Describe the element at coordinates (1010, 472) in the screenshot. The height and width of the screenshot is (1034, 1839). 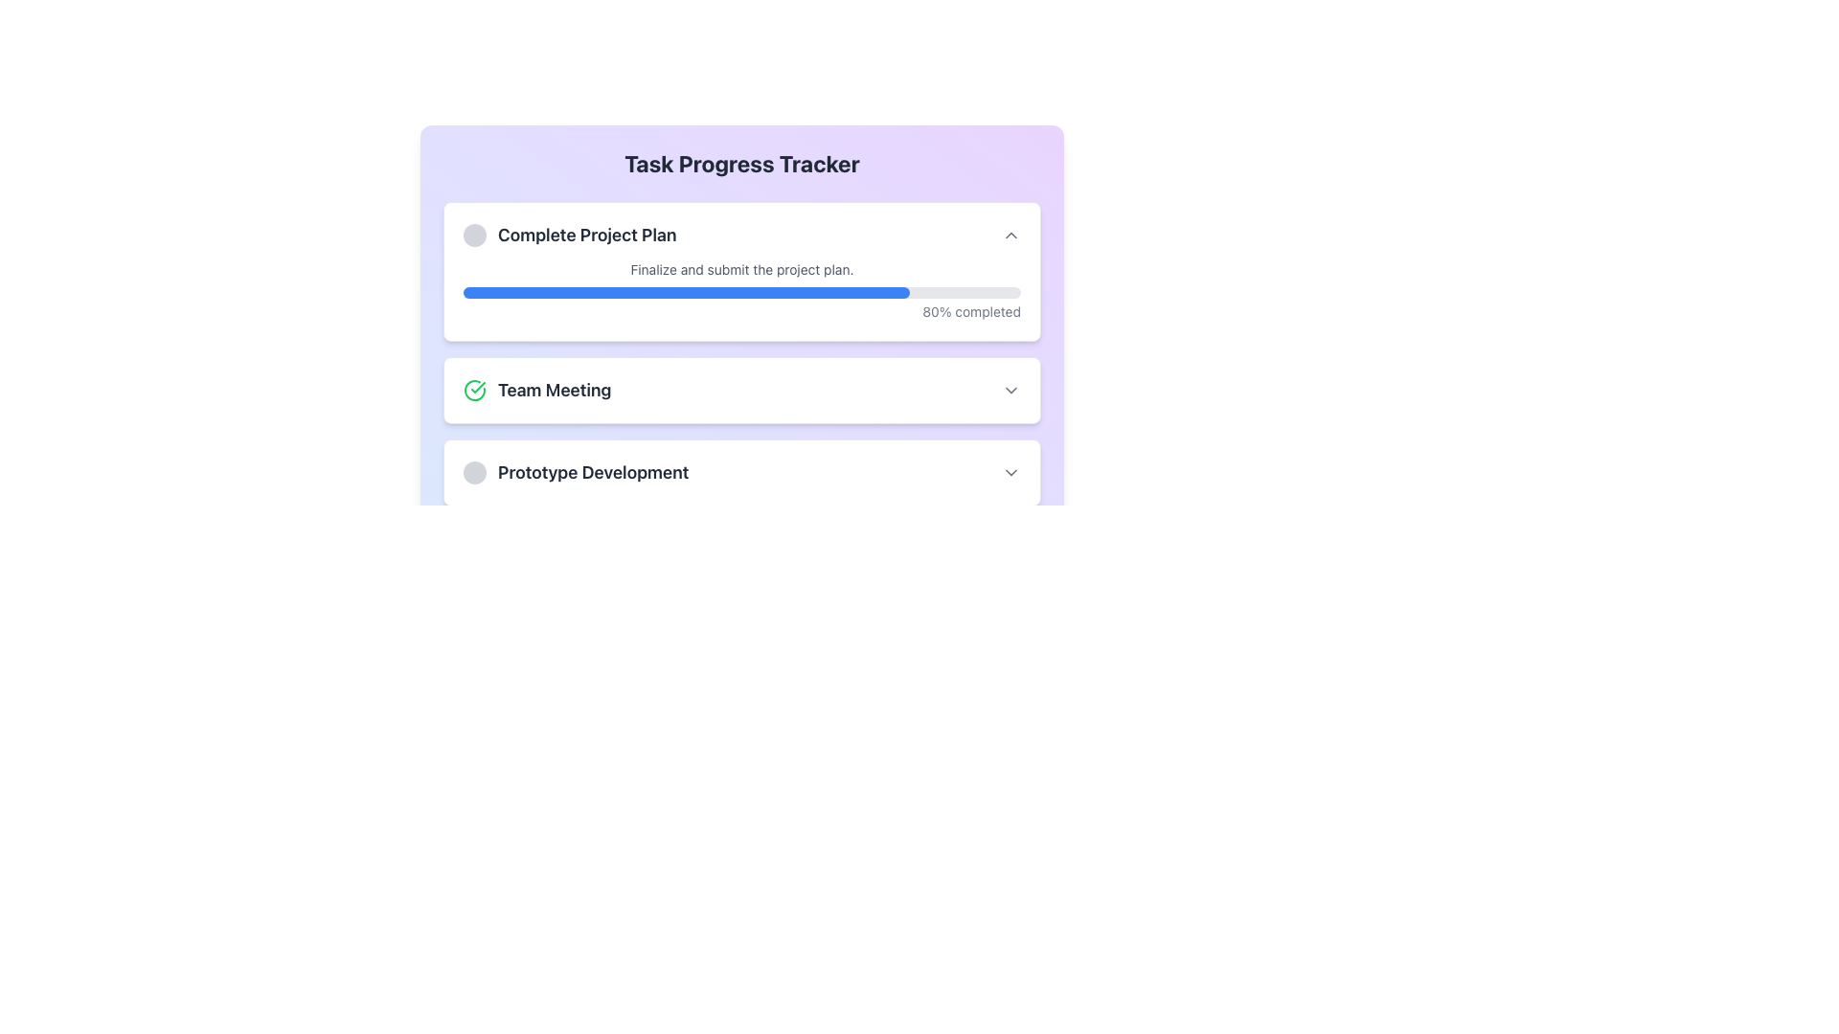
I see `the downward-pointing chevron icon button located on the far-right side of the 'Prototype Development' row` at that location.